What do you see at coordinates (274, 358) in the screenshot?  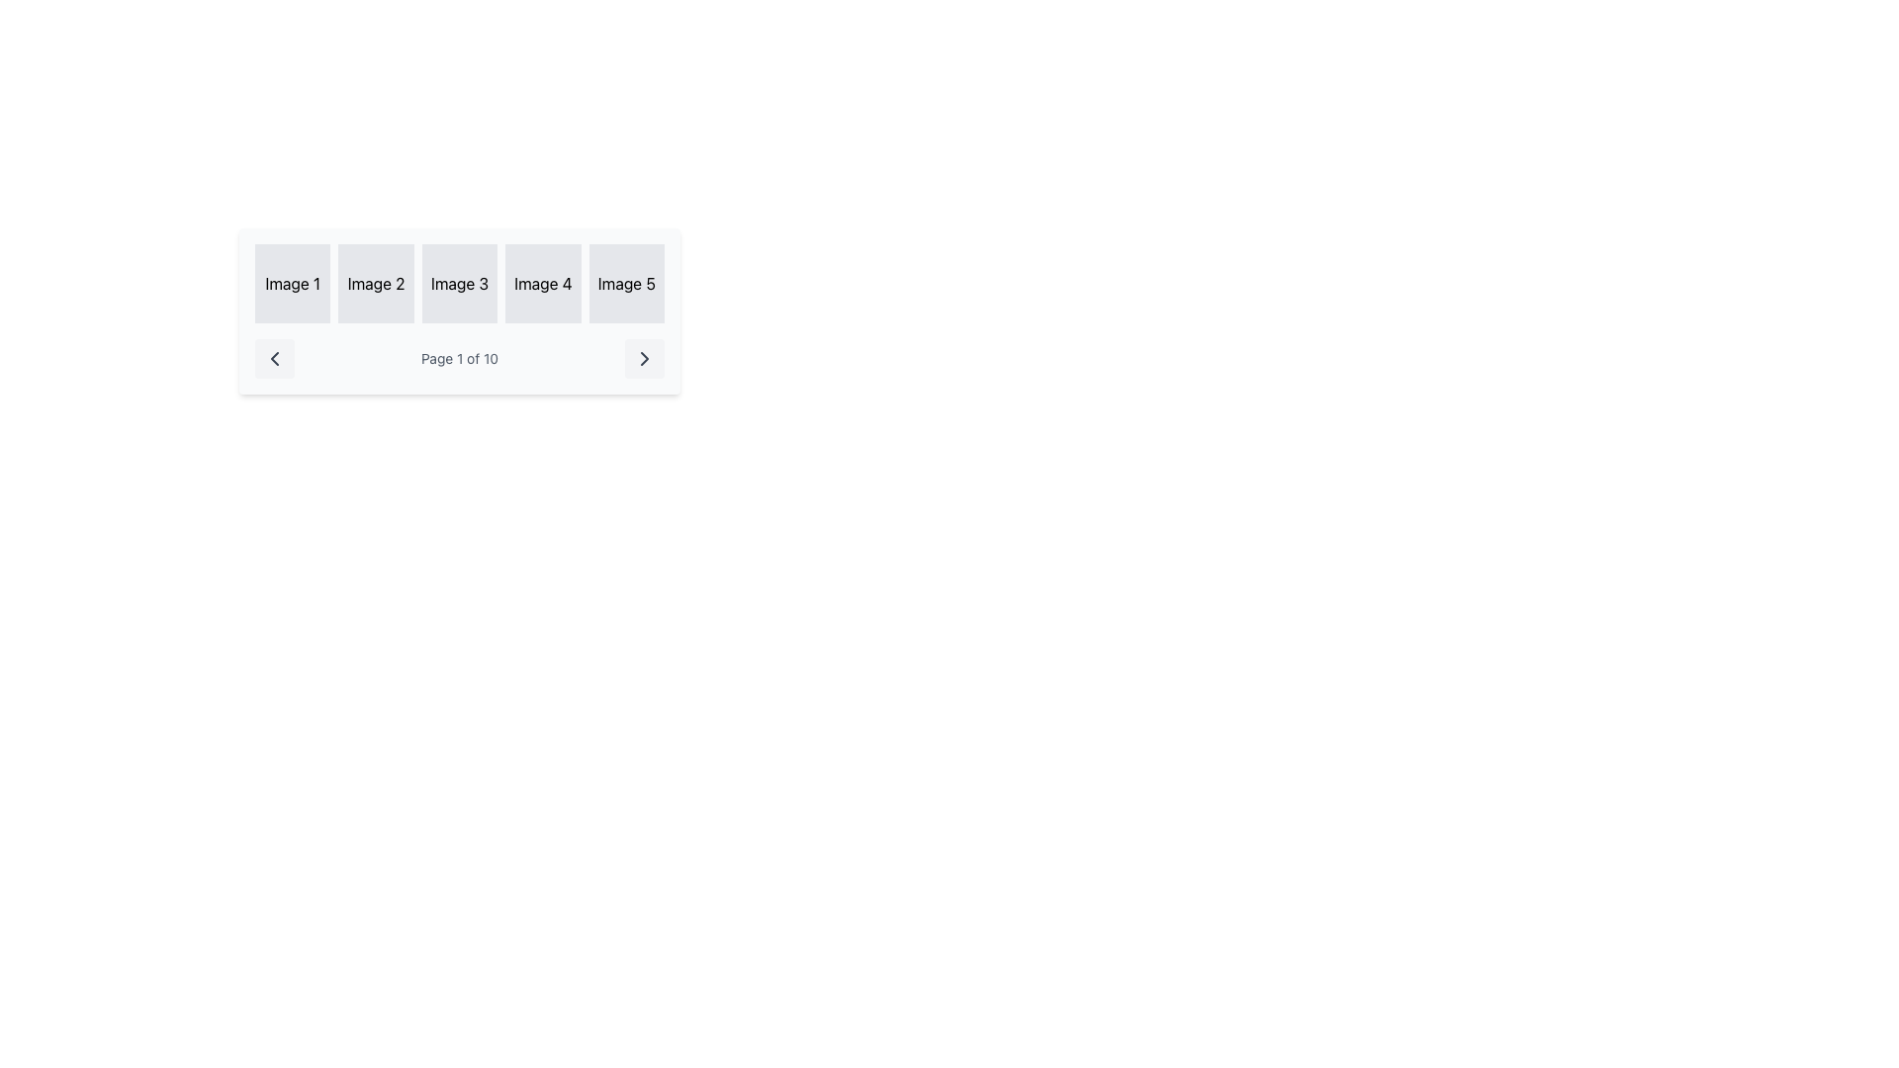 I see `the leftmost icon button within the navigation control at the bottom left of the carousel` at bounding box center [274, 358].